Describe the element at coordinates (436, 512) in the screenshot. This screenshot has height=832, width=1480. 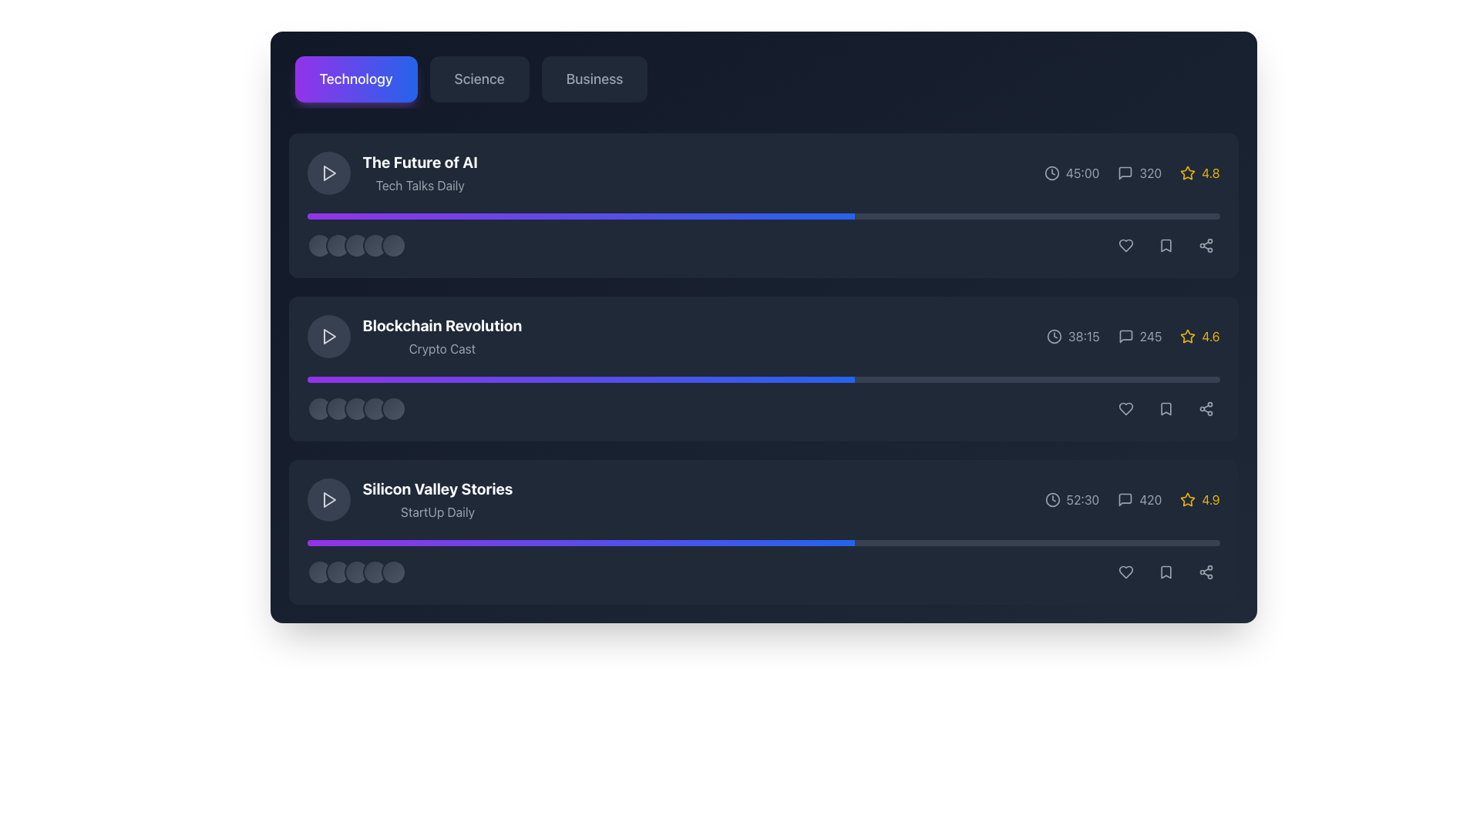
I see `the subtitle text located beneath the bold title 'Silicon Valley Stories' in the third list item` at that location.